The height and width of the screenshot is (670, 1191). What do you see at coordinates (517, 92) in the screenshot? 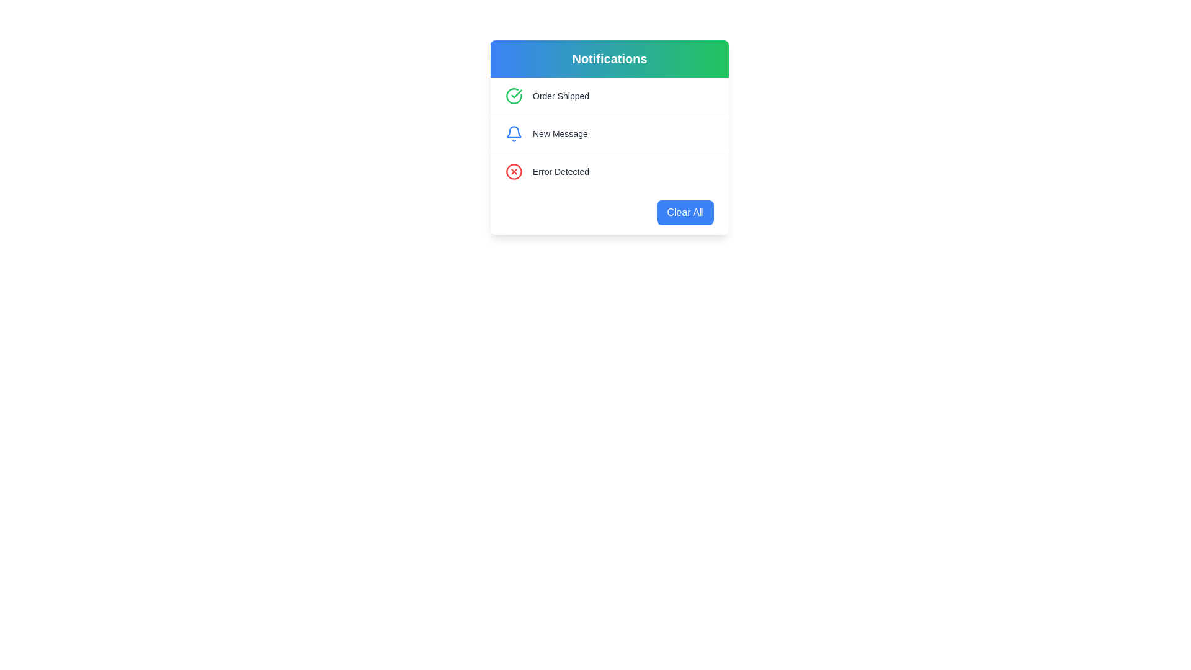
I see `the shipped status icon located to the left of the 'Order Shipped' text in the top notification item` at bounding box center [517, 92].